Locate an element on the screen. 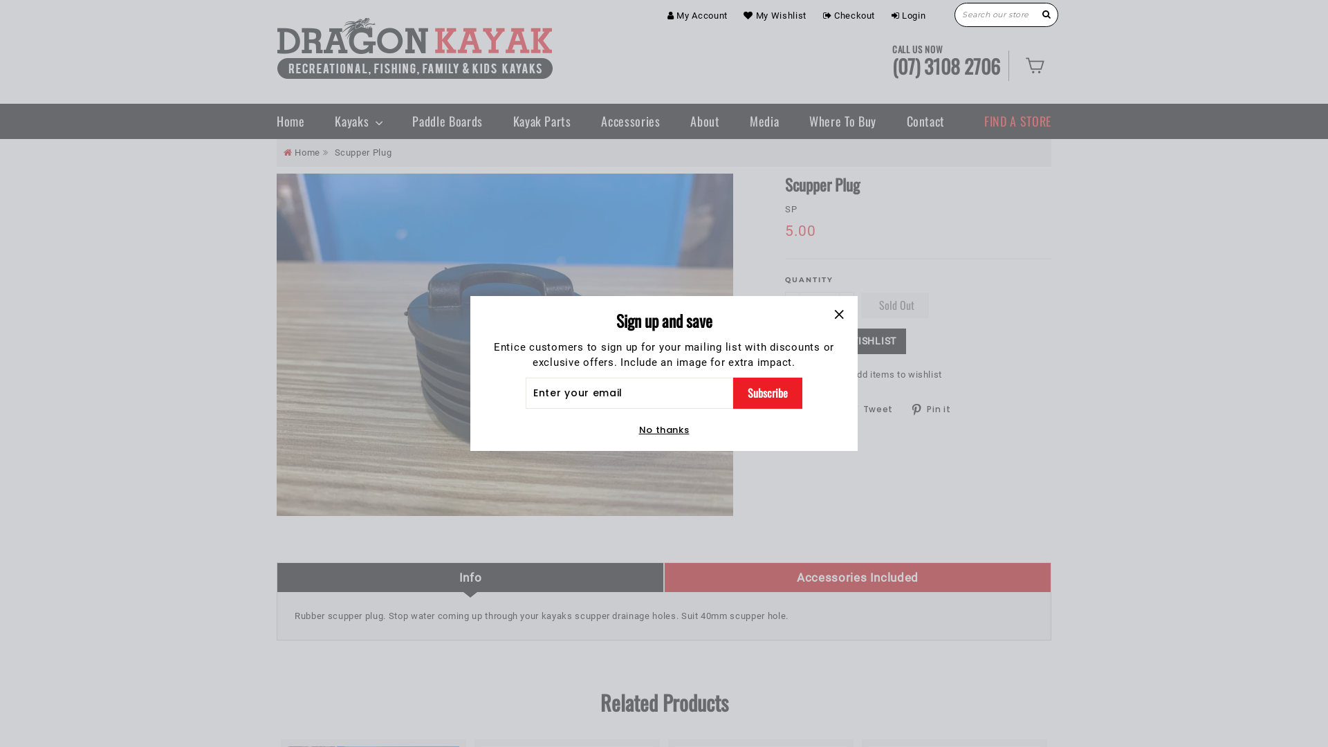  'Home' is located at coordinates (297, 120).